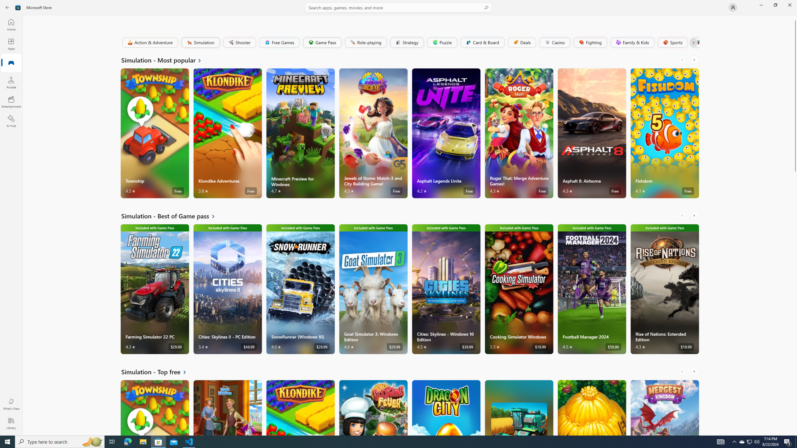 The width and height of the screenshot is (797, 448). Describe the element at coordinates (7, 7) in the screenshot. I see `'Back'` at that location.